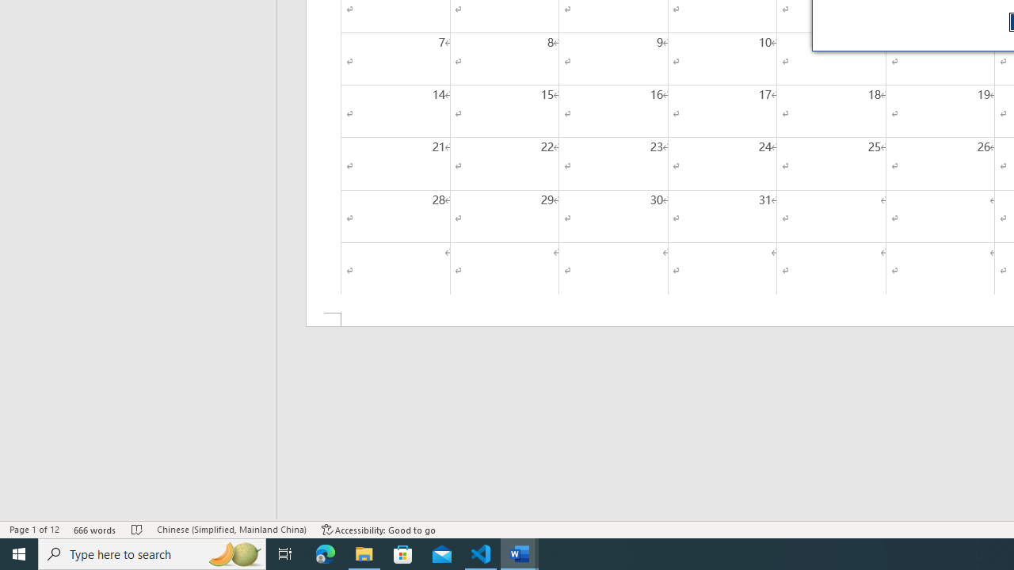 Image resolution: width=1014 pixels, height=570 pixels. I want to click on 'Spelling and Grammar Check No Errors', so click(137, 530).